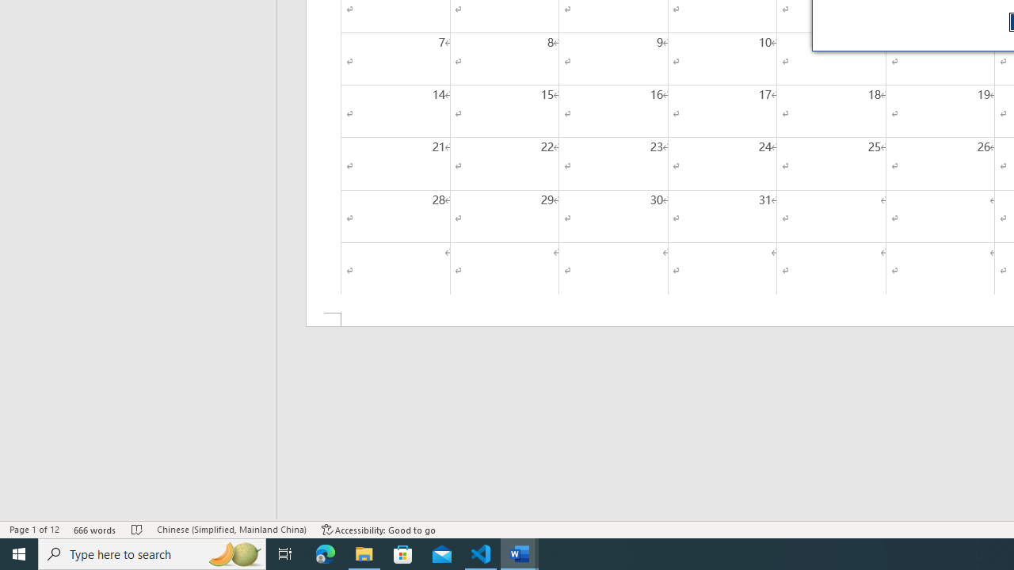 Image resolution: width=1014 pixels, height=570 pixels. I want to click on 'Spelling and Grammar Check No Errors', so click(137, 530).